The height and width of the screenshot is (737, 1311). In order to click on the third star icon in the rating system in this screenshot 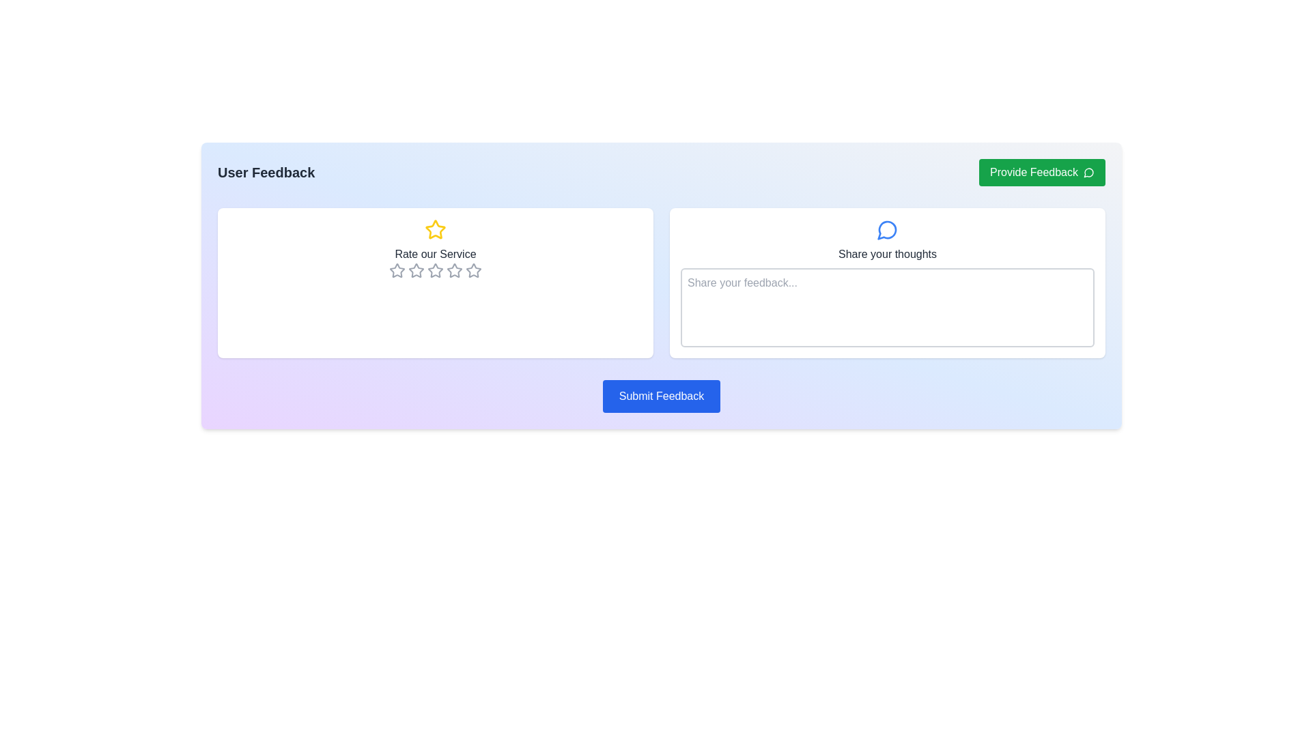, I will do `click(415, 271)`.